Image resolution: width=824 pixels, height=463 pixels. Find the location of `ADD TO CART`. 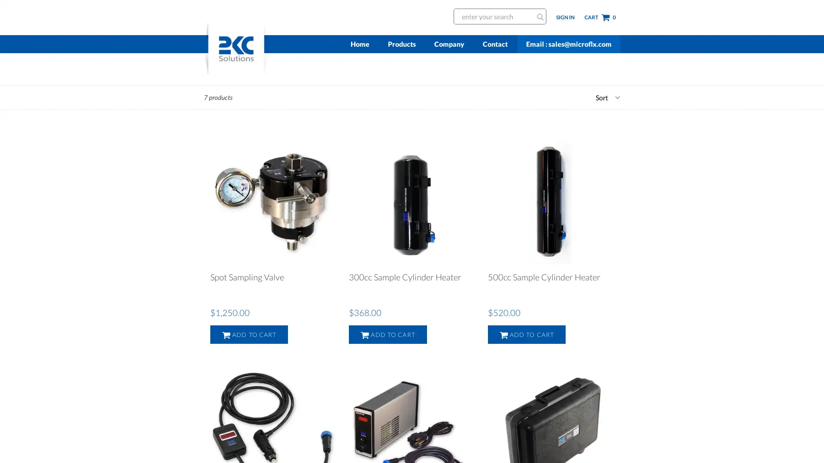

ADD TO CART is located at coordinates (387, 334).